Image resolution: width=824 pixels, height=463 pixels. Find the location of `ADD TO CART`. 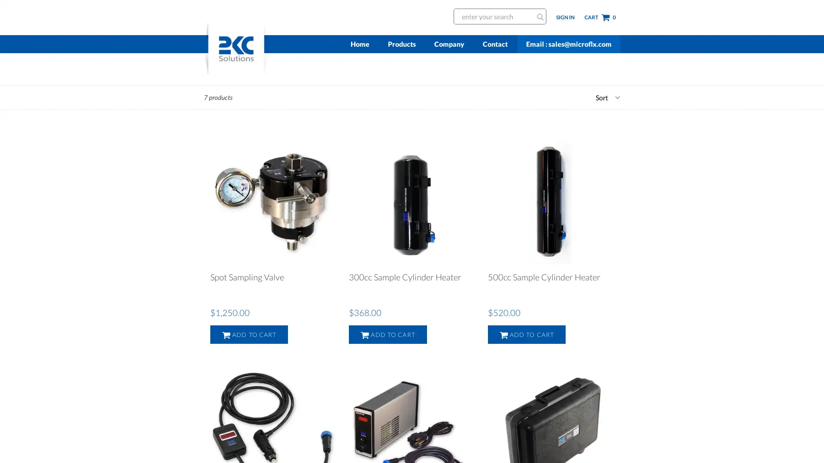

ADD TO CART is located at coordinates (387, 334).